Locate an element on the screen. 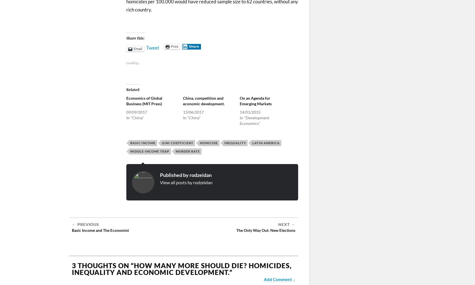 This screenshot has width=475, height=285. 'Share' is located at coordinates (189, 46).